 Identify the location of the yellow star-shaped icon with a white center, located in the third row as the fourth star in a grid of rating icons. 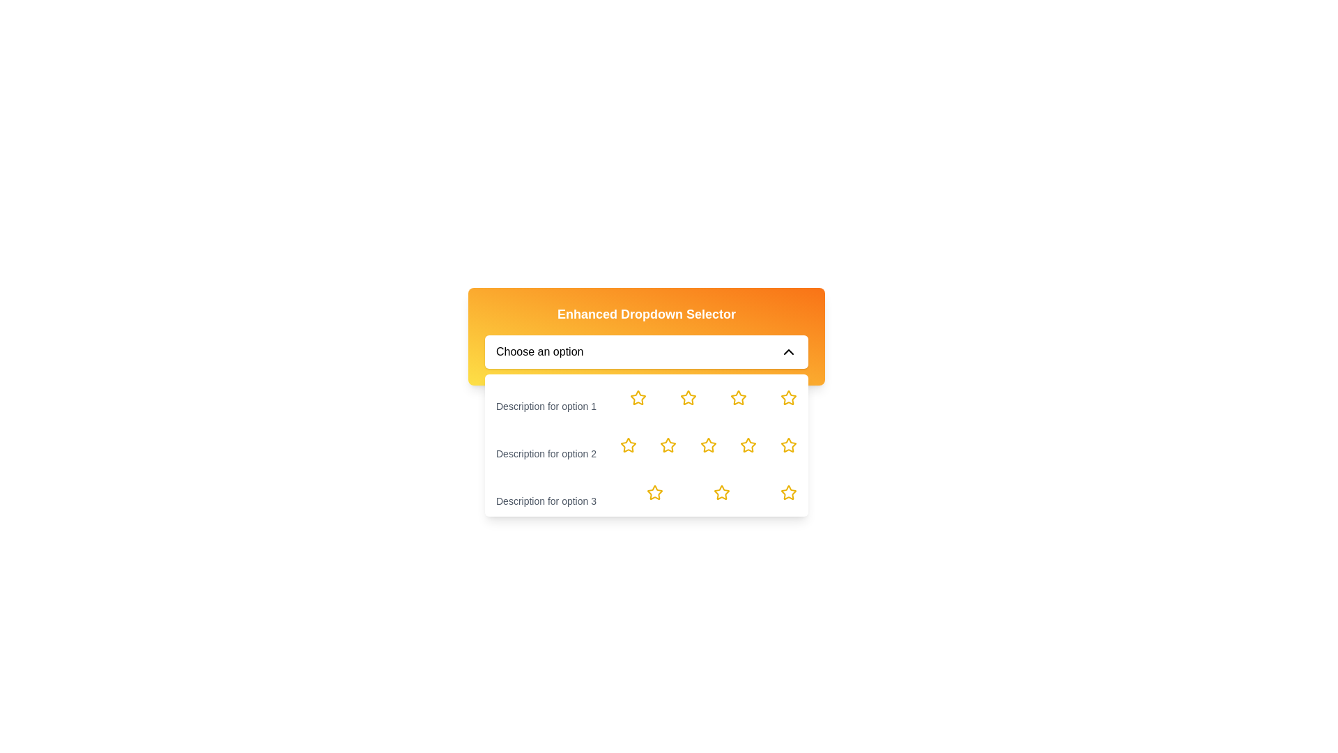
(738, 397).